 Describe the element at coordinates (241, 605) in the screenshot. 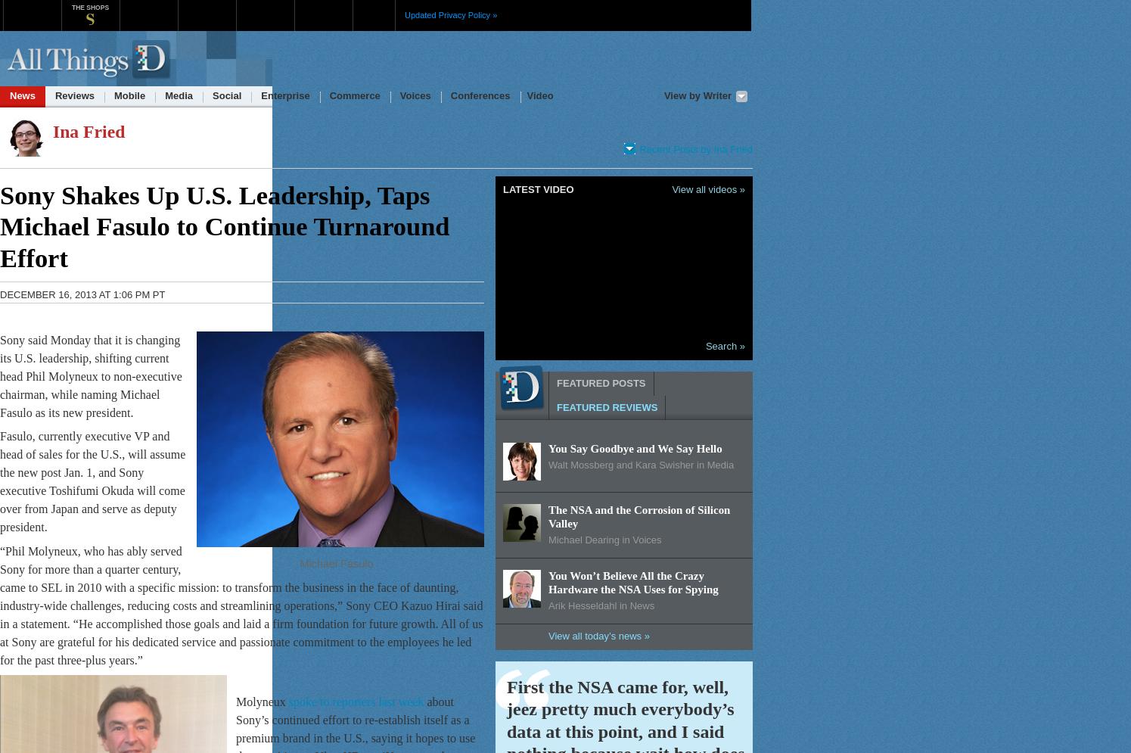

I see `'“Phil Molyneux, who has ably served Sony for more than a quarter century, came to SEL in 2010 with a specific mission: to transform the business in the face of daunting, industry-wide challenges, reducing costs and streamlining operations,” Sony CEO Kazuo Hirai said in a statement. “He accomplished those goals and laid a firm foundation for future growth. All of us at Sony are grateful for his dedicated service and passionate commitment to the employees he led for the past three-plus years.”'` at that location.